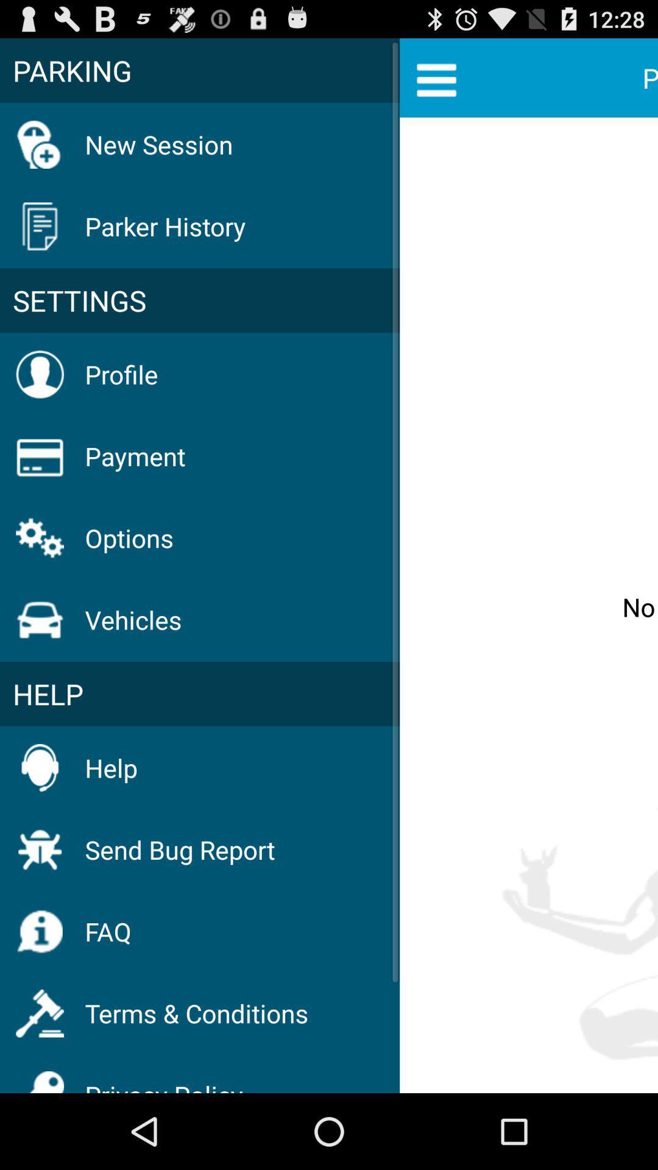 The width and height of the screenshot is (658, 1170). What do you see at coordinates (199, 300) in the screenshot?
I see `icon next to the no parking history` at bounding box center [199, 300].